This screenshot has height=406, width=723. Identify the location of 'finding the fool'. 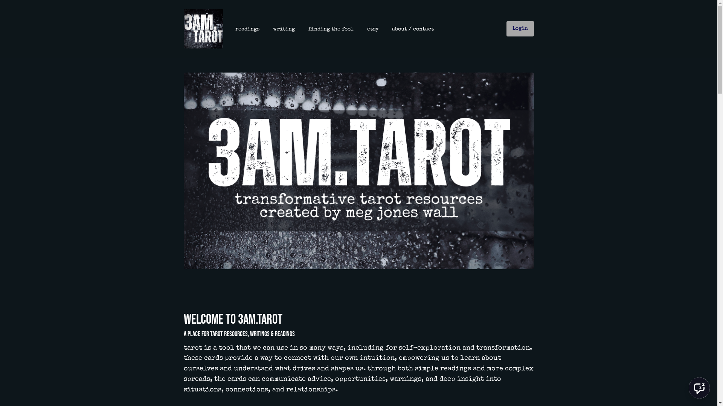
(308, 29).